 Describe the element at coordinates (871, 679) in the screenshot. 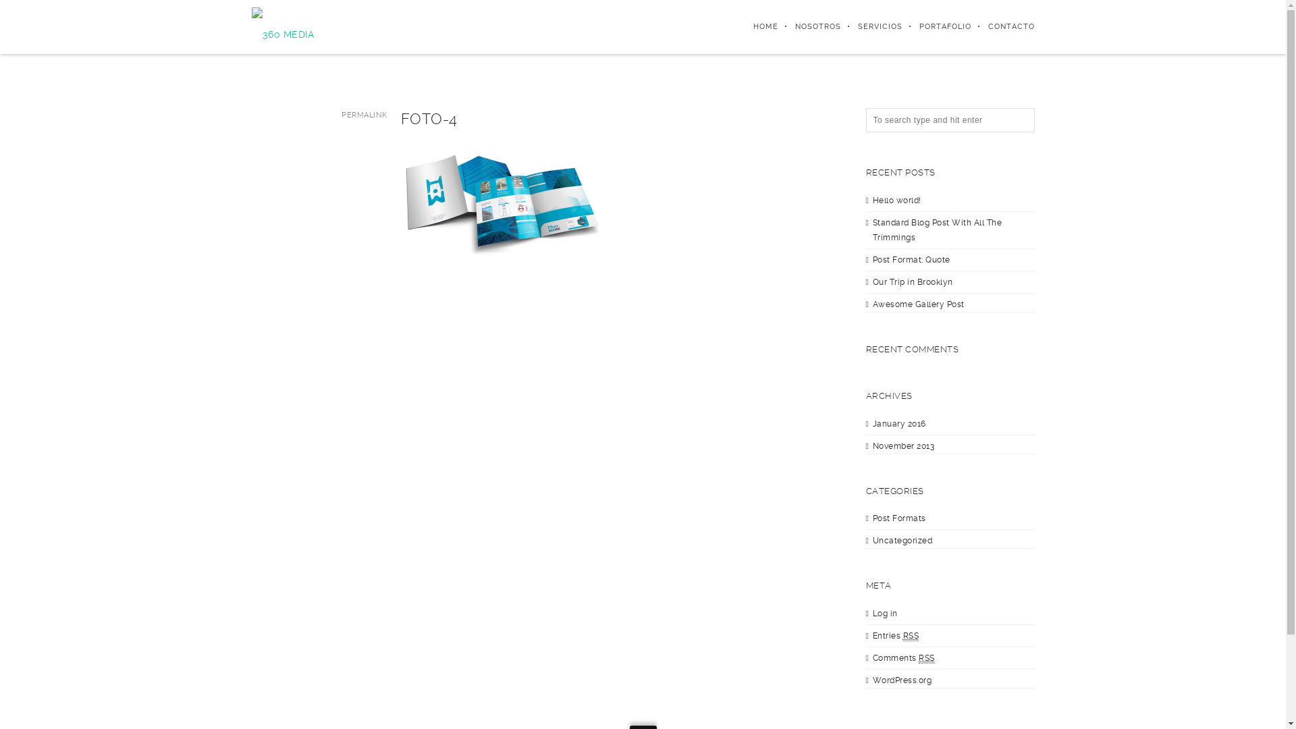

I see `'WordPress.org'` at that location.